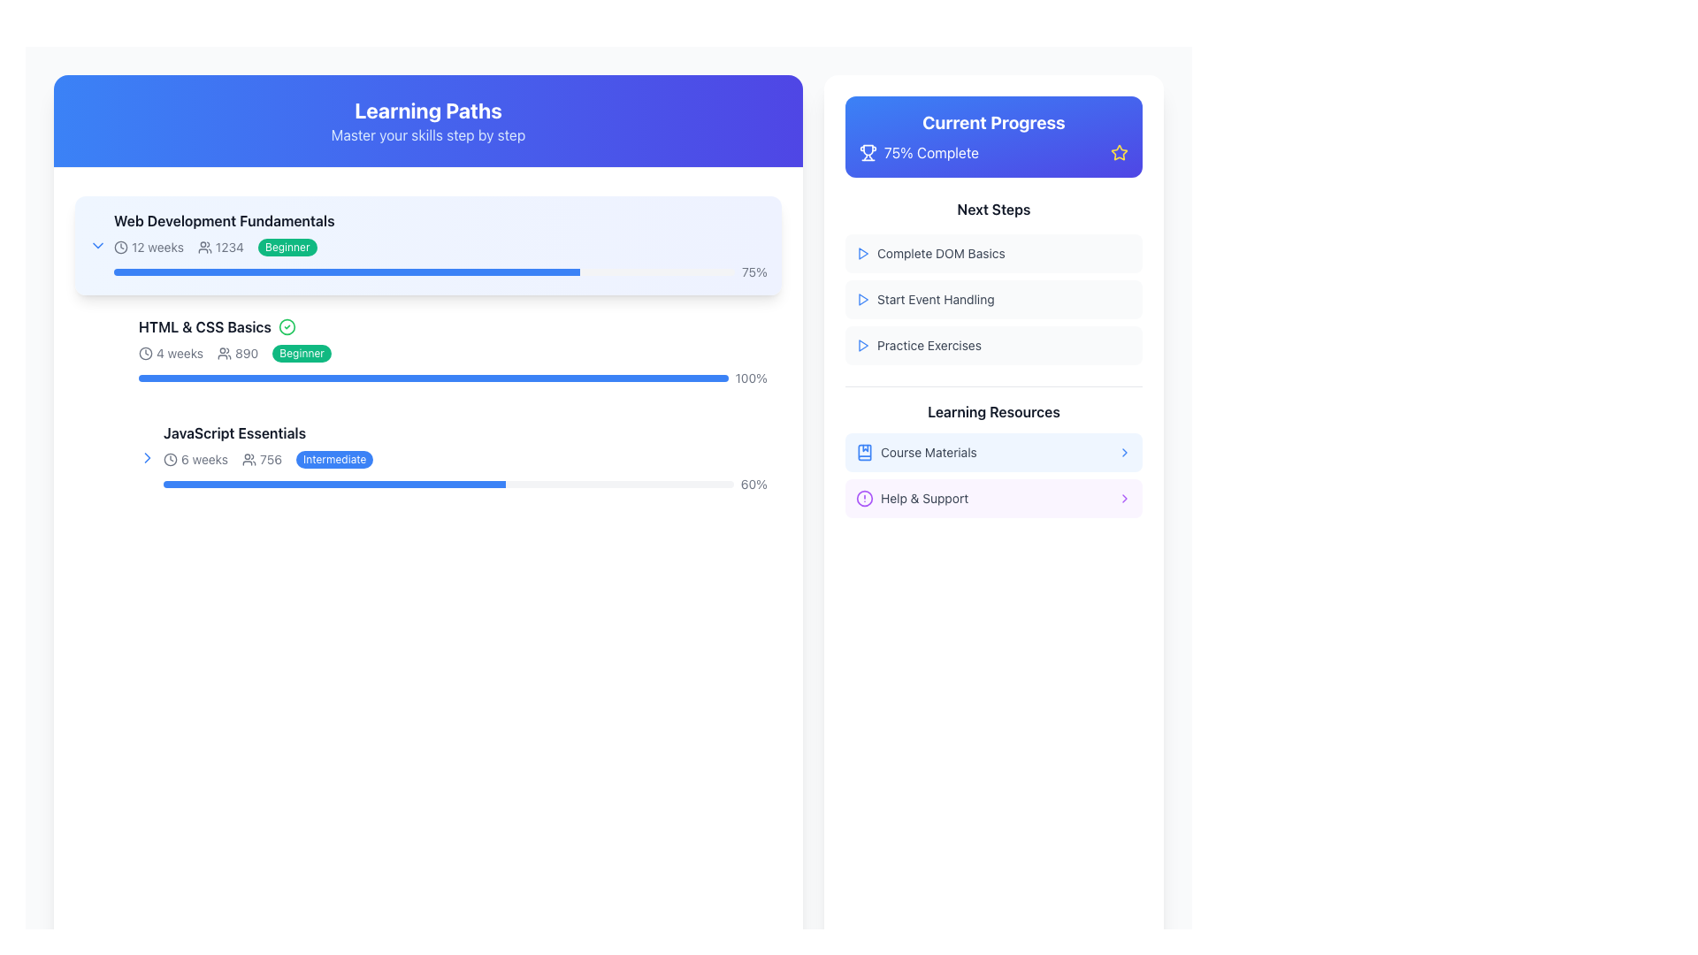 This screenshot has width=1698, height=955. Describe the element at coordinates (993, 498) in the screenshot. I see `the 'Help & Support' button, which has a light purple background and contains an icon of a circle with an exclamation mark` at that location.